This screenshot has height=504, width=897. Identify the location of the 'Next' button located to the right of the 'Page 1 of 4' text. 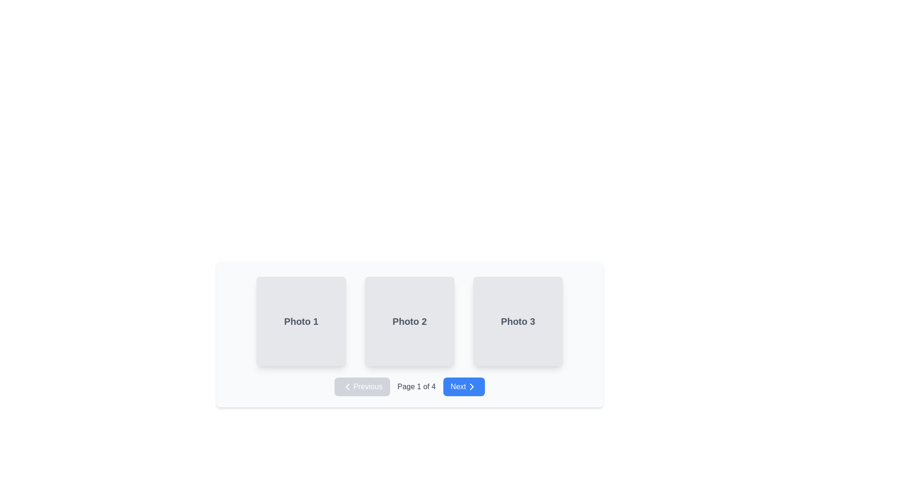
(464, 387).